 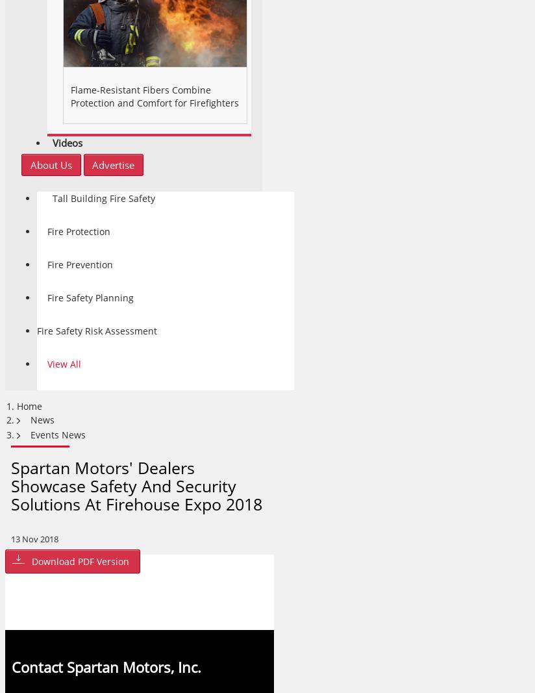 I want to click on 'Contact Spartan Motors, Inc.', so click(x=105, y=666).